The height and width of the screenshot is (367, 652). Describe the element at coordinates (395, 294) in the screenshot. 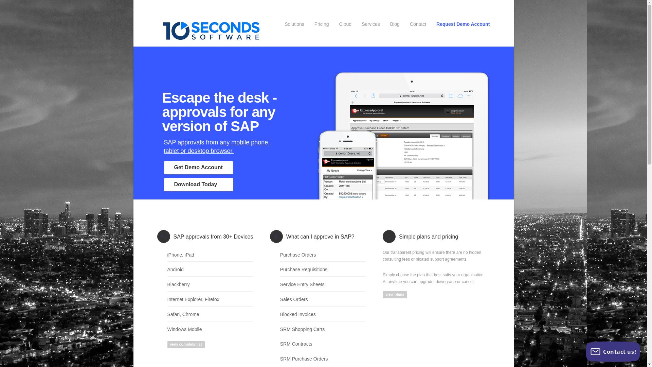

I see `'view plans'` at that location.